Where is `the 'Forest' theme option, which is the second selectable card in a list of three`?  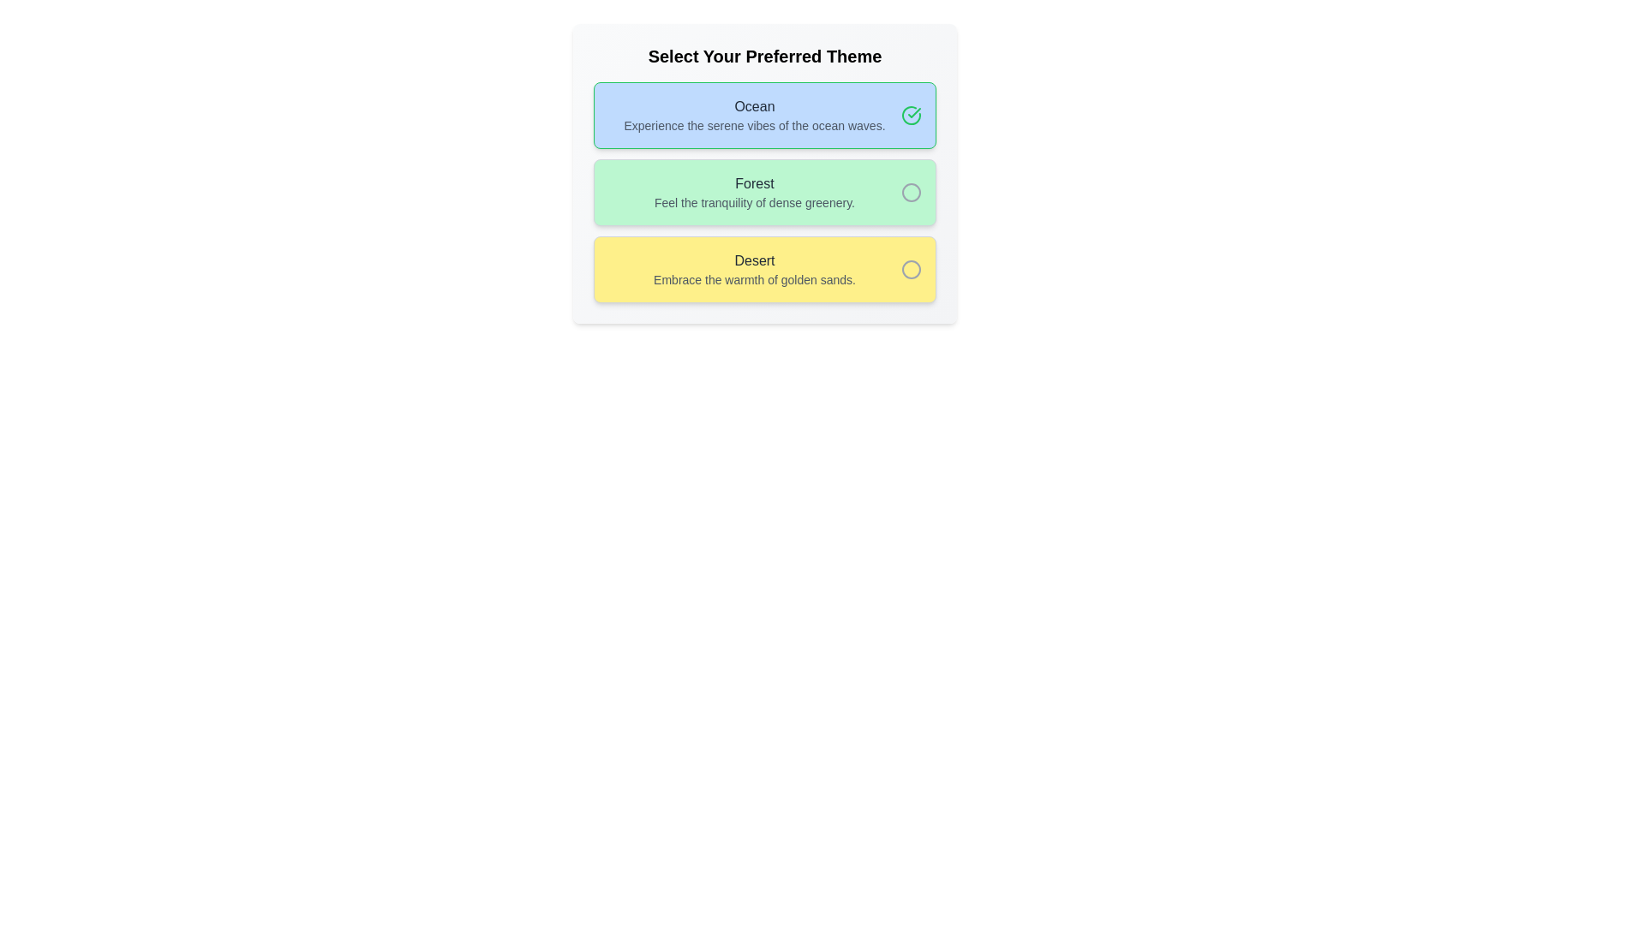 the 'Forest' theme option, which is the second selectable card in a list of three is located at coordinates (754, 192).